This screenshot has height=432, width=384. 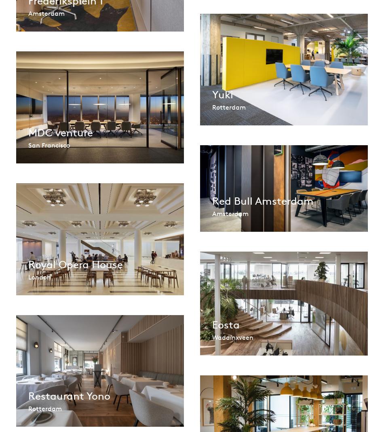 What do you see at coordinates (28, 132) in the screenshot?
I see `'MDC venture'` at bounding box center [28, 132].